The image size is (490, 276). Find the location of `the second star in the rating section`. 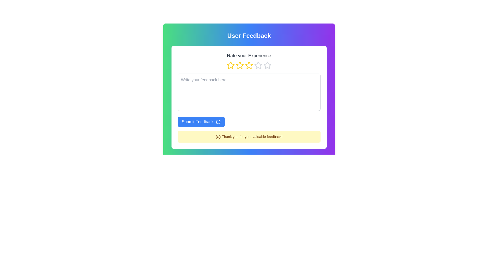

the second star in the rating section is located at coordinates (230, 65).